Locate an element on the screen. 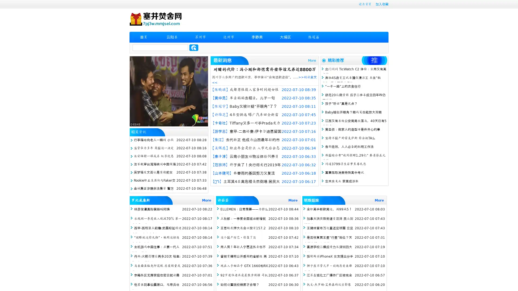 This screenshot has height=291, width=518. Search is located at coordinates (194, 47).